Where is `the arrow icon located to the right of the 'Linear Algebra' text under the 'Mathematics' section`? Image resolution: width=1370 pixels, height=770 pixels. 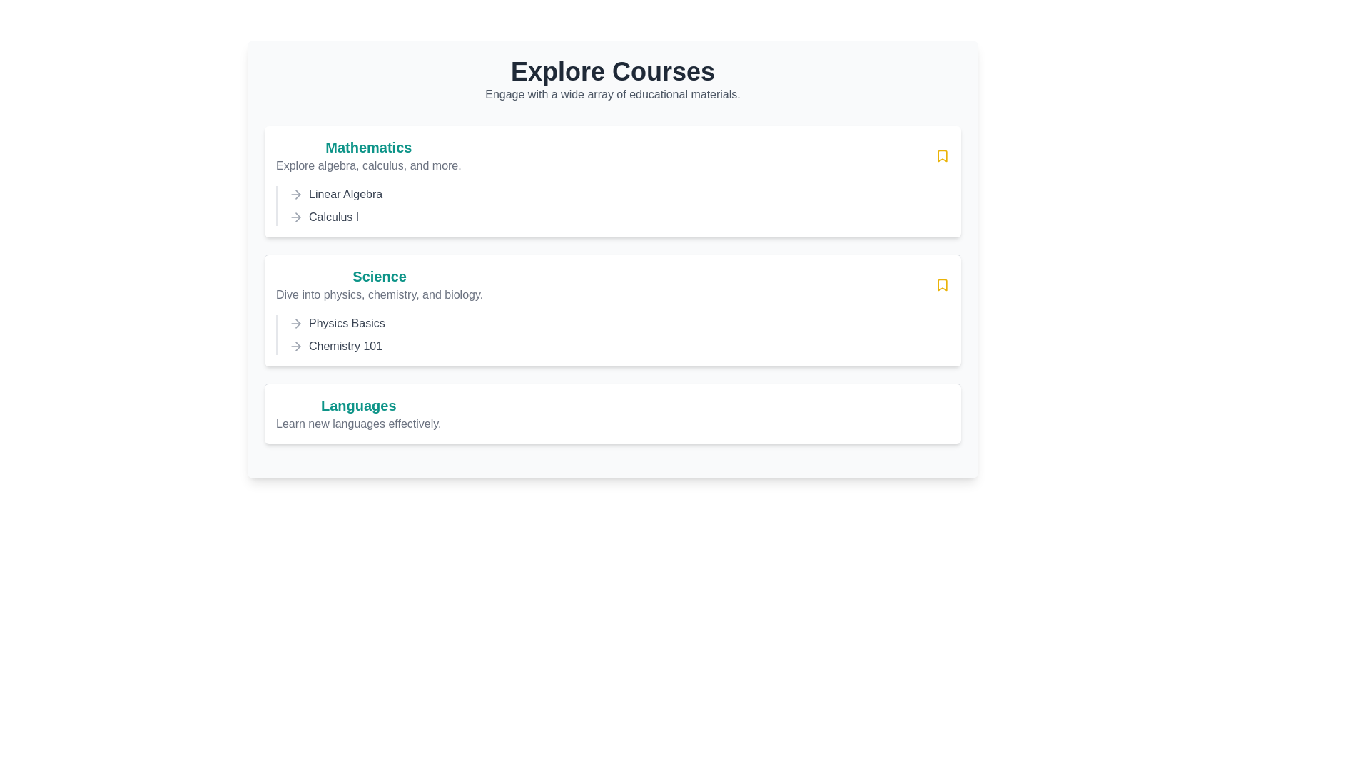
the arrow icon located to the right of the 'Linear Algebra' text under the 'Mathematics' section is located at coordinates (297, 195).